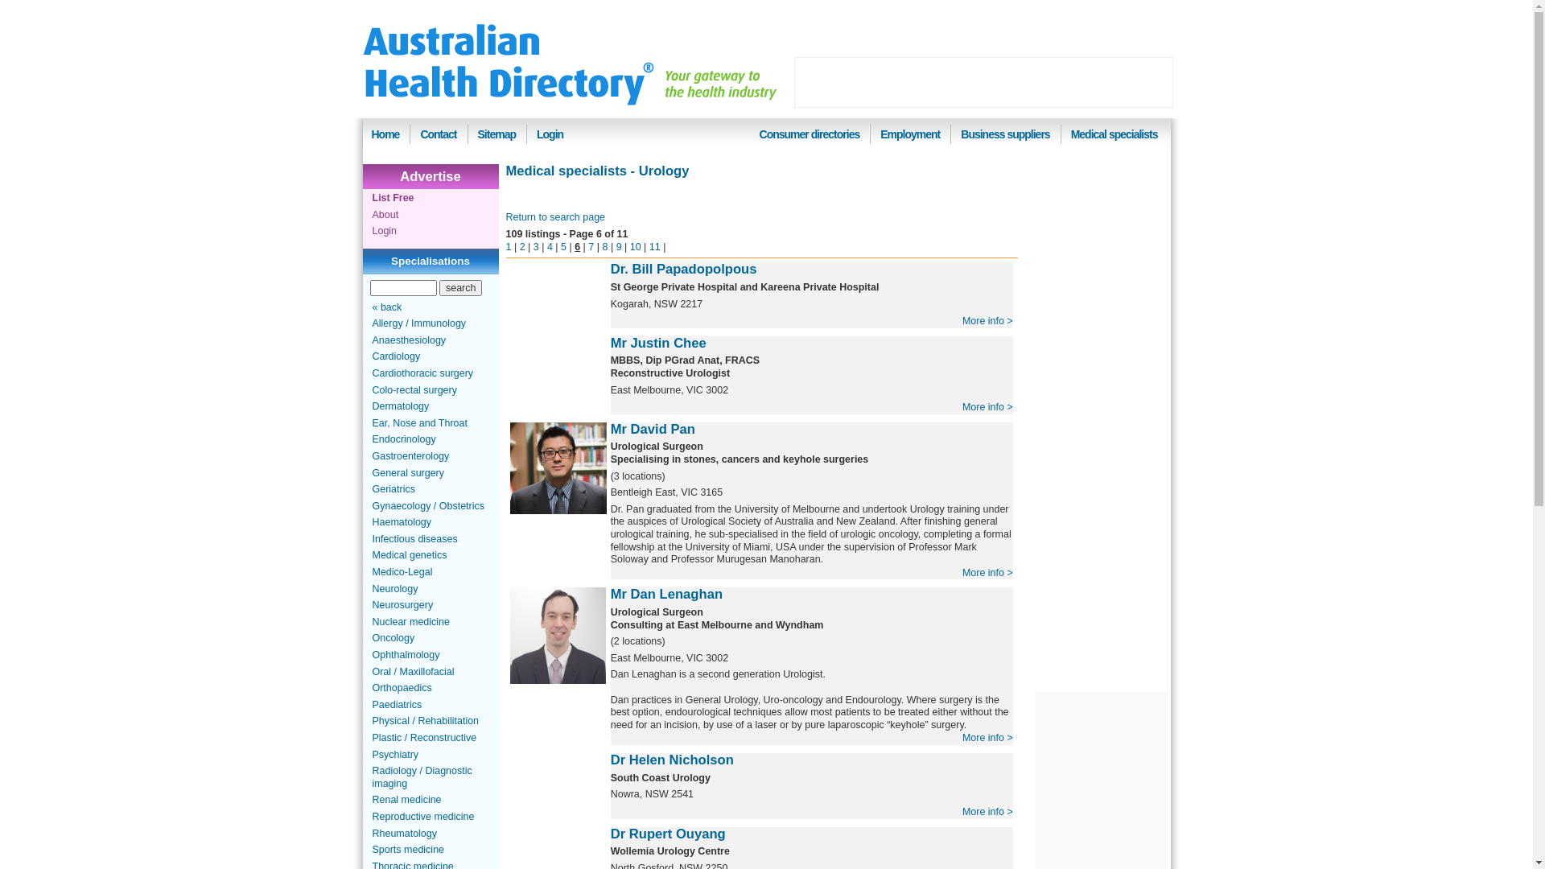 The image size is (1545, 869). I want to click on 'Login', so click(370, 230).